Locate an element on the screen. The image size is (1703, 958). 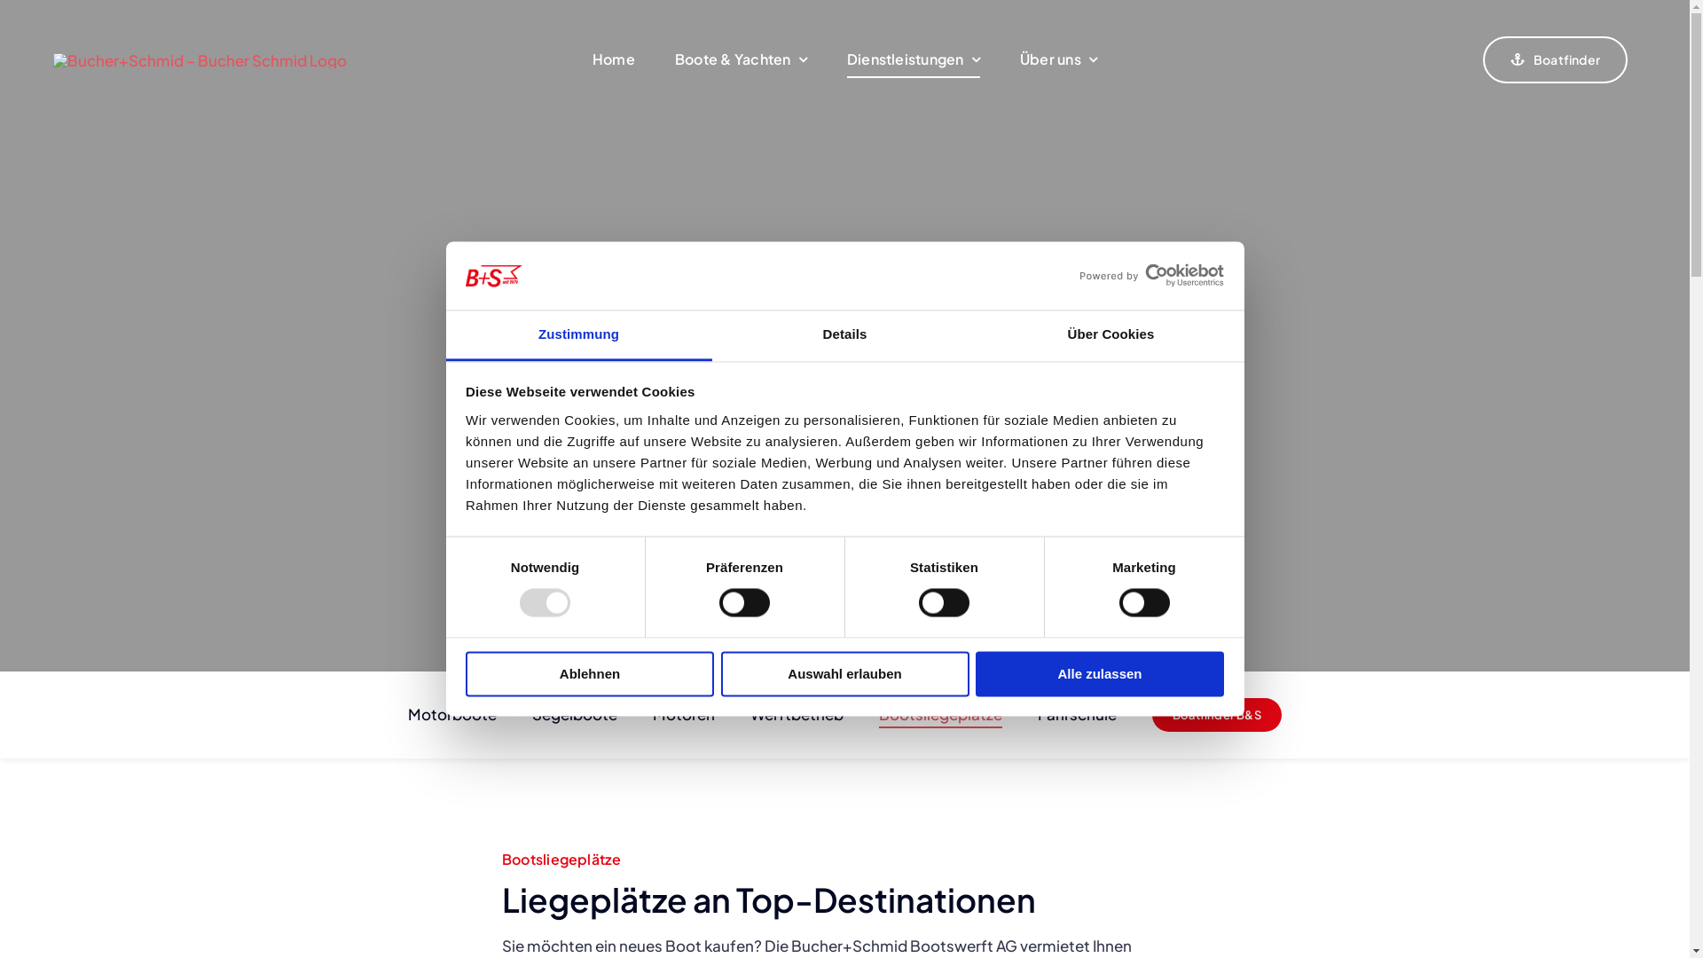
'Auswahl erlauben' is located at coordinates (843, 673).